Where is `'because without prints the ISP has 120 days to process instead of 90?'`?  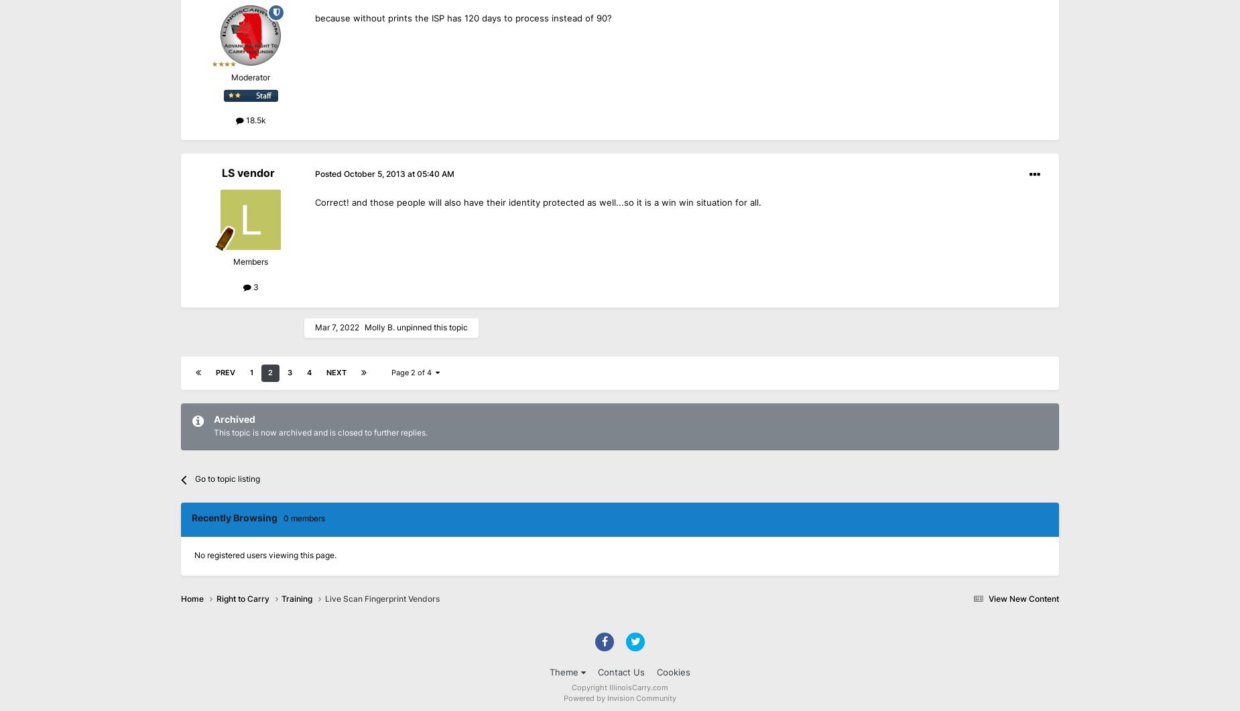 'because without prints the ISP has 120 days to process instead of 90?' is located at coordinates (315, 18).